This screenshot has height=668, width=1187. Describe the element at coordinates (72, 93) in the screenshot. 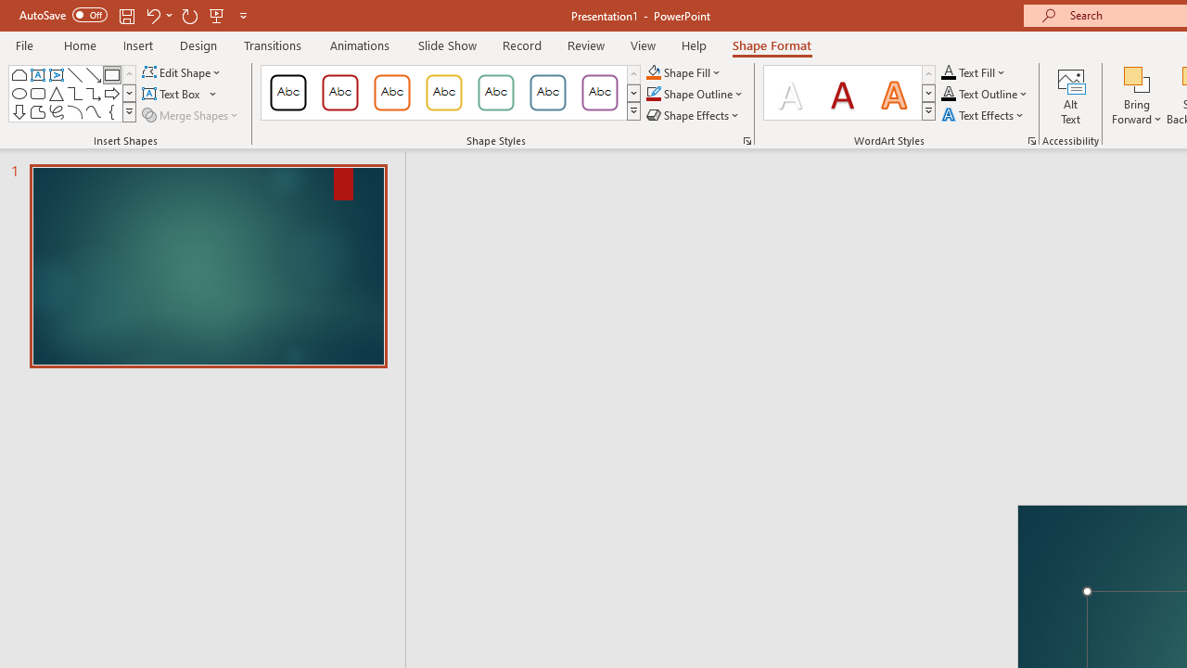

I see `'AutomationID: ShapesInsertGallery'` at that location.